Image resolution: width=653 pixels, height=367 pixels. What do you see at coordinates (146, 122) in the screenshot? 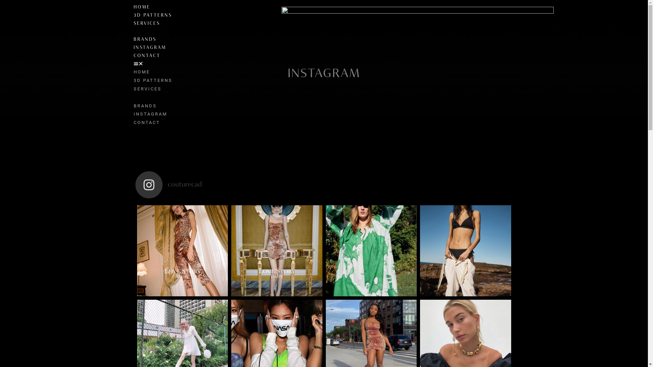
I see `'CONTACT'` at bounding box center [146, 122].